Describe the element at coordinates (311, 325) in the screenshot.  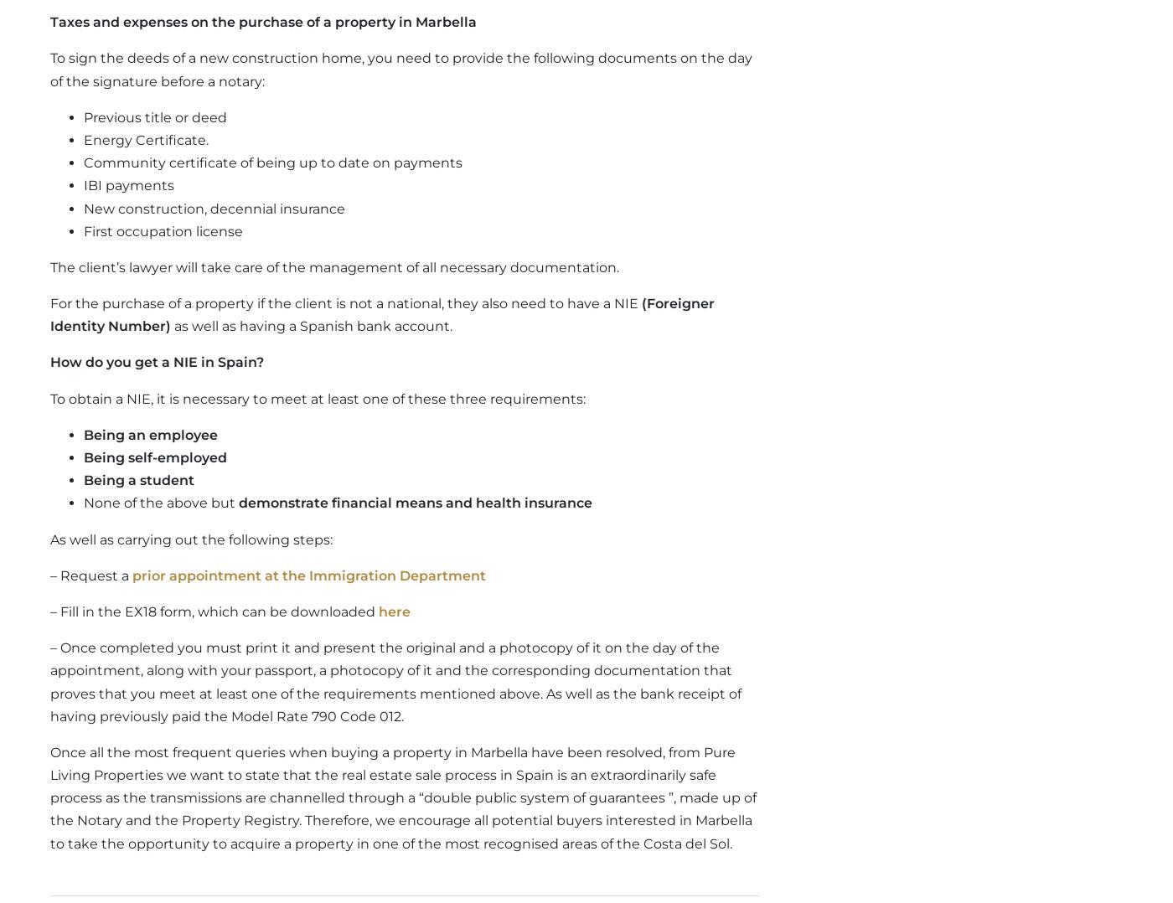
I see `'as well as having a Spanish bank account.'` at that location.